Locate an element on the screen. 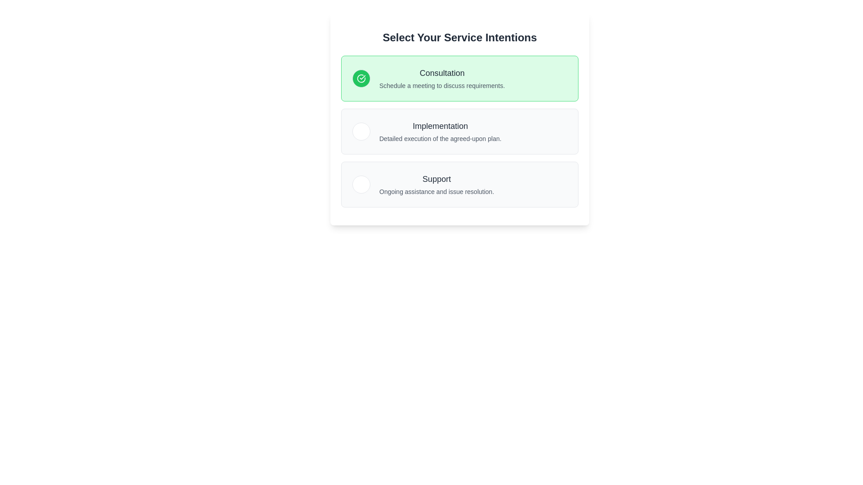 The image size is (863, 485). the 'Implementation' button located in the options list, specifically the second button beneath 'Consultation' and above 'Support' is located at coordinates (361, 132).